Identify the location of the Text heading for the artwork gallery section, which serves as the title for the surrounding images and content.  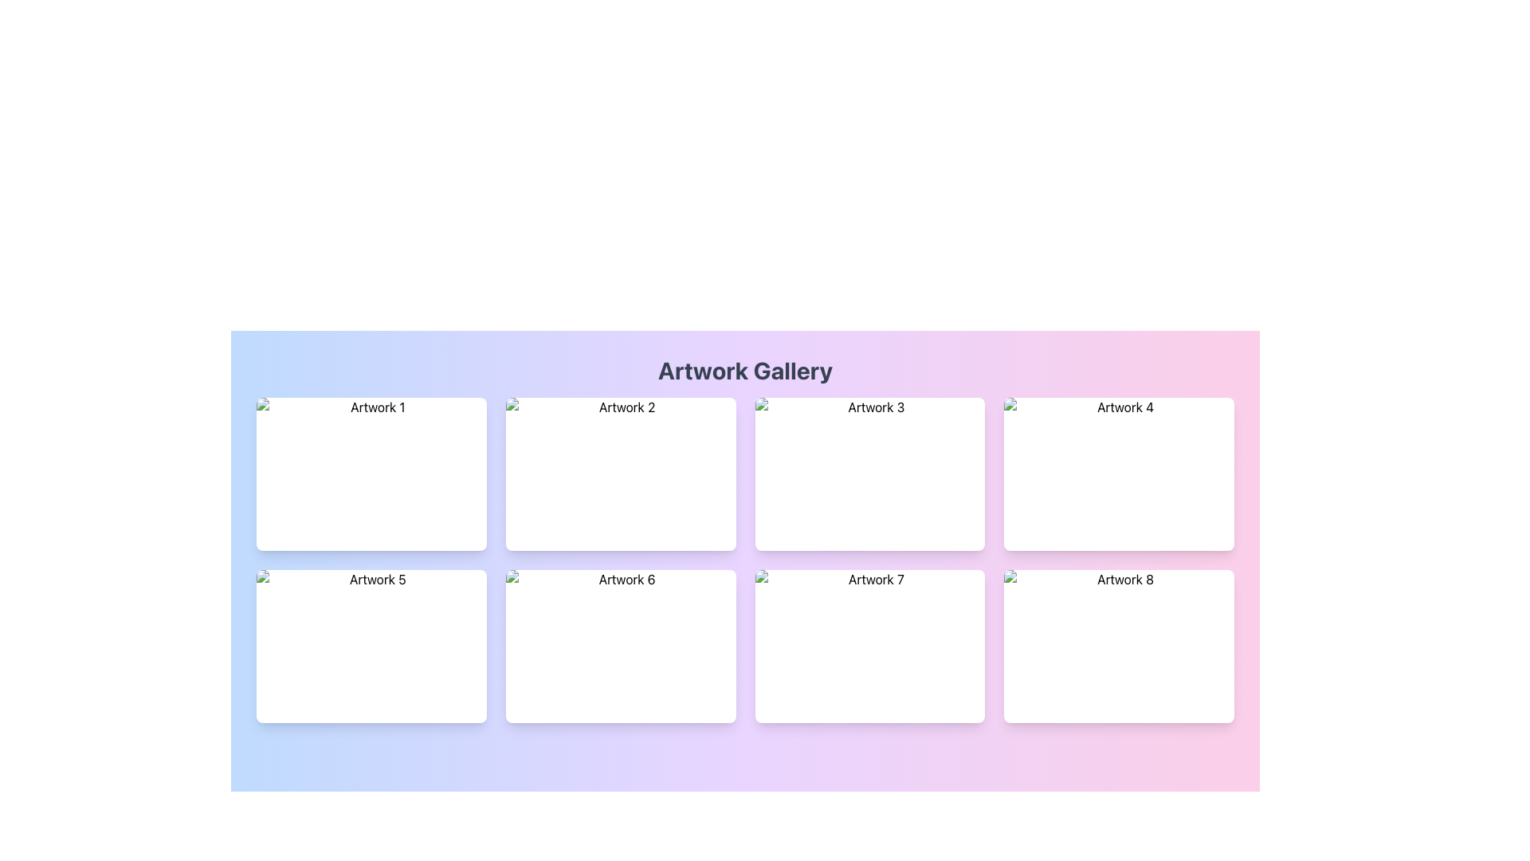
(744, 371).